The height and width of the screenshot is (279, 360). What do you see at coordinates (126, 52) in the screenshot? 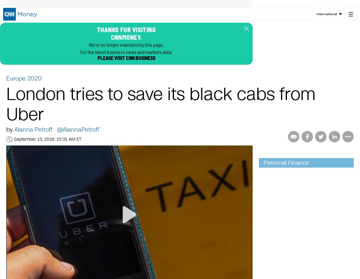
I see `'For the latest business news and markets data,'` at bounding box center [126, 52].